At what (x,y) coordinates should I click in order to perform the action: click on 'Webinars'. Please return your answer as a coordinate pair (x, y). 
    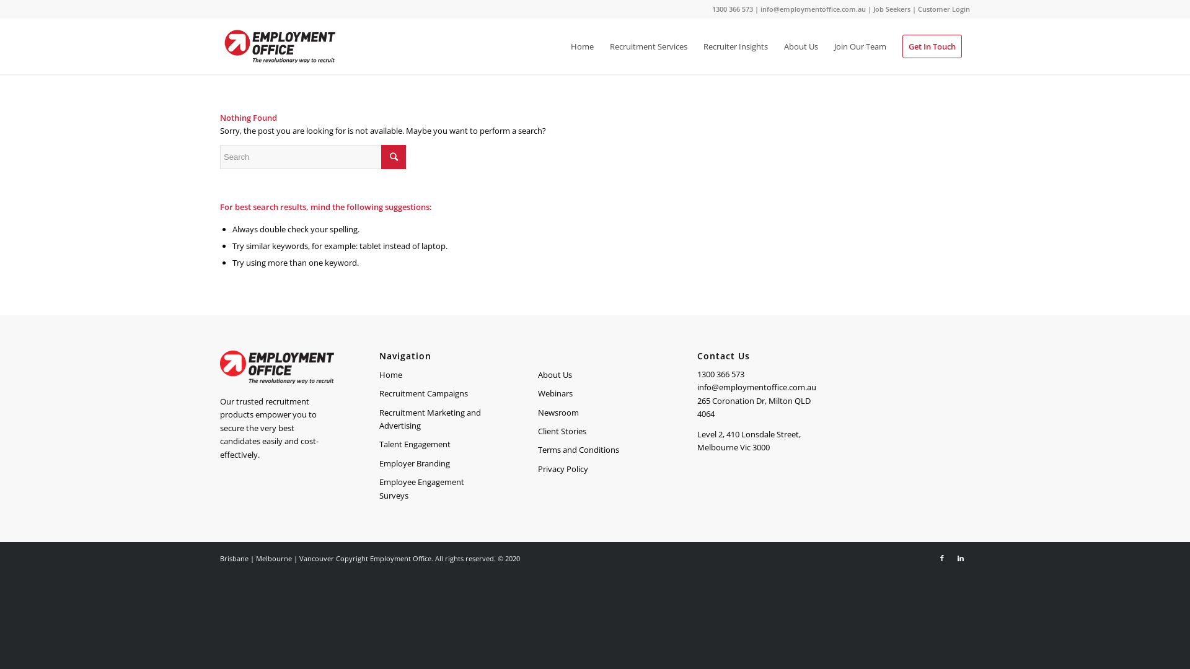
    Looking at the image, I should click on (595, 394).